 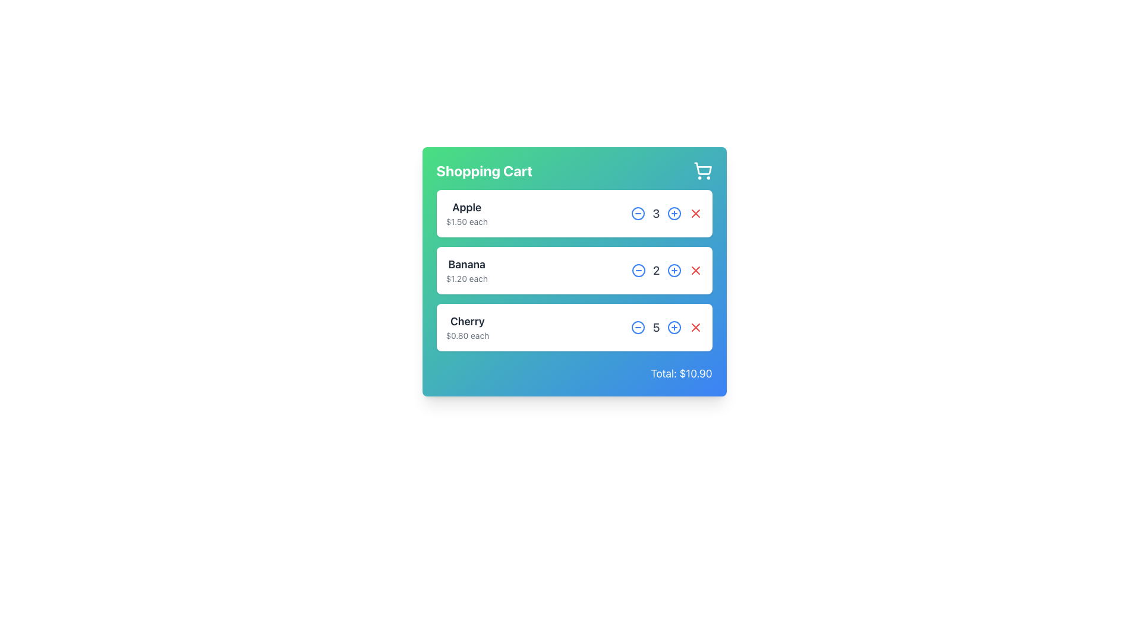 What do you see at coordinates (466, 270) in the screenshot?
I see `the Text Display element that shows information about a specific item in the shopping cart, located between the rows for 'Apple' and 'Cherry'` at bounding box center [466, 270].